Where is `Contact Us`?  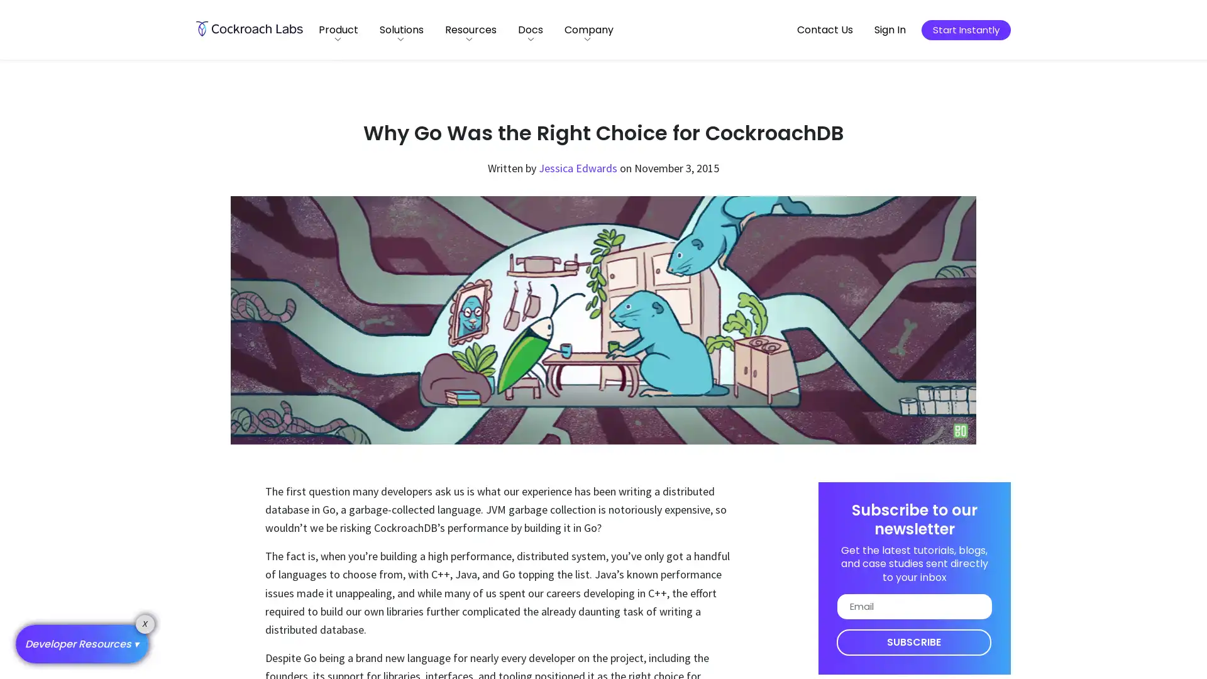 Contact Us is located at coordinates (825, 29).